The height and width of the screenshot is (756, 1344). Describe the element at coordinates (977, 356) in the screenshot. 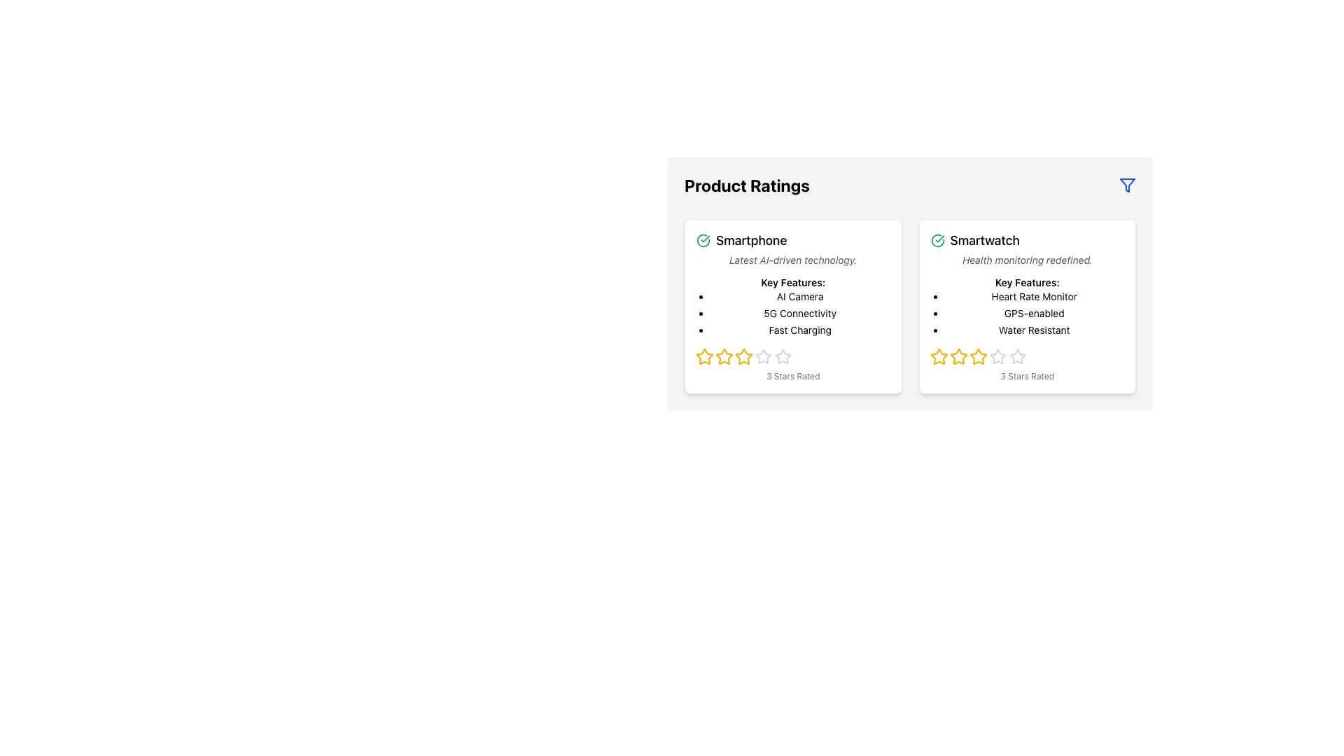

I see `the fourth star icon in the rating system to rate the item as 4 stars` at that location.